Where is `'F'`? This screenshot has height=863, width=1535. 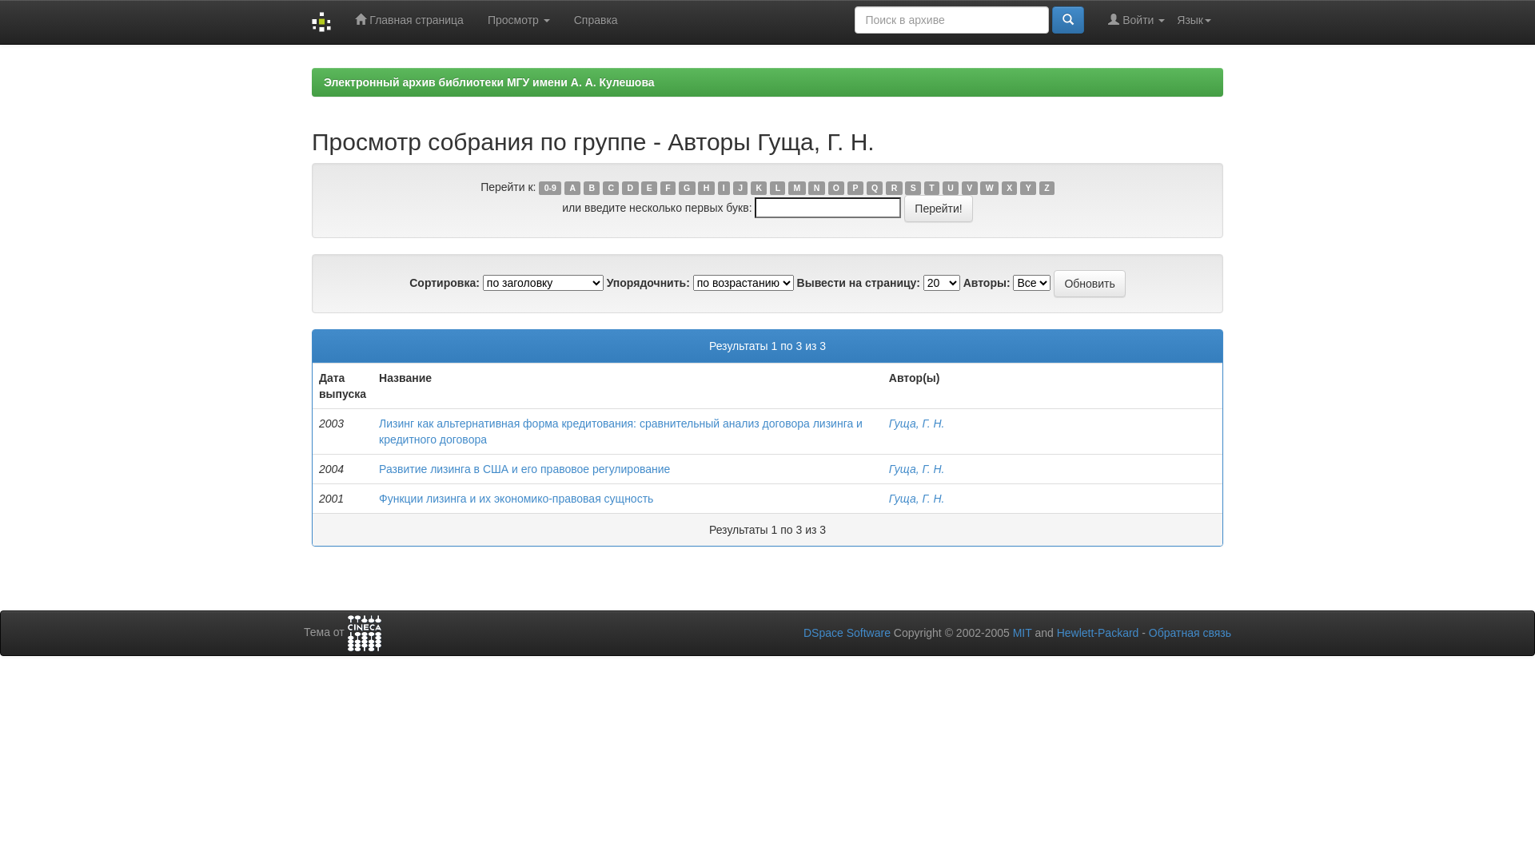 'F' is located at coordinates (660, 187).